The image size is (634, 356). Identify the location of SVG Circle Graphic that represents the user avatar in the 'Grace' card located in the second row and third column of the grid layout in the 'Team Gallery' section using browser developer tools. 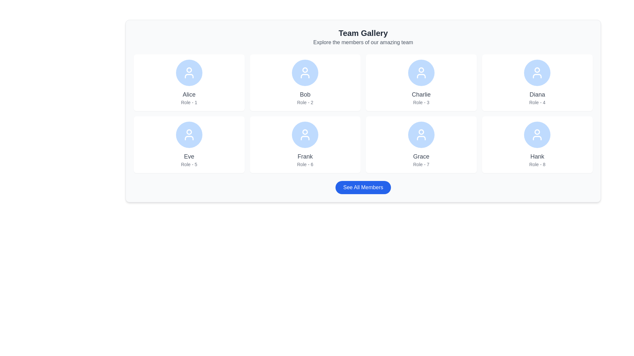
(421, 132).